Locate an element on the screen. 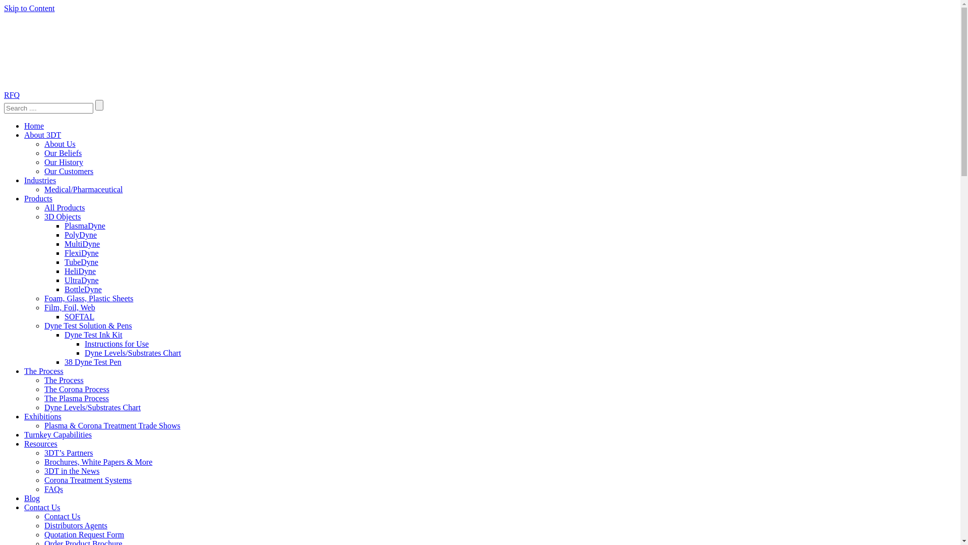 The width and height of the screenshot is (968, 545). 'Dyne Test Ink Kit' is located at coordinates (93, 335).